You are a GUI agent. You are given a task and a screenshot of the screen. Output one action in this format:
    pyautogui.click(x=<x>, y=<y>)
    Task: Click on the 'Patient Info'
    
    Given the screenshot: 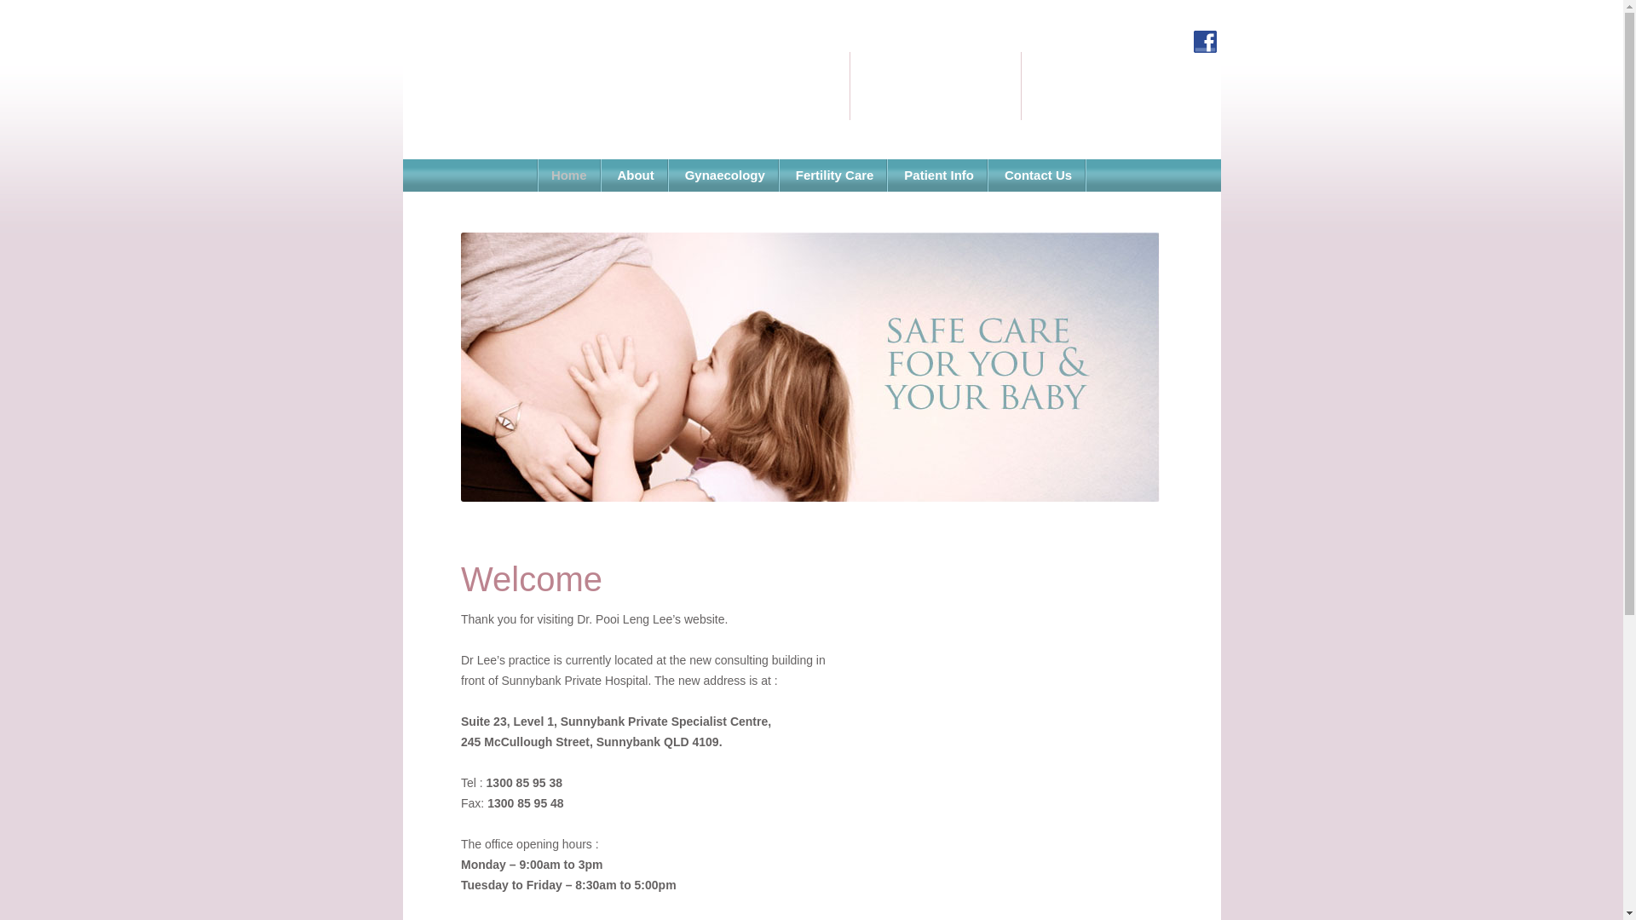 What is the action you would take?
    pyautogui.click(x=938, y=175)
    